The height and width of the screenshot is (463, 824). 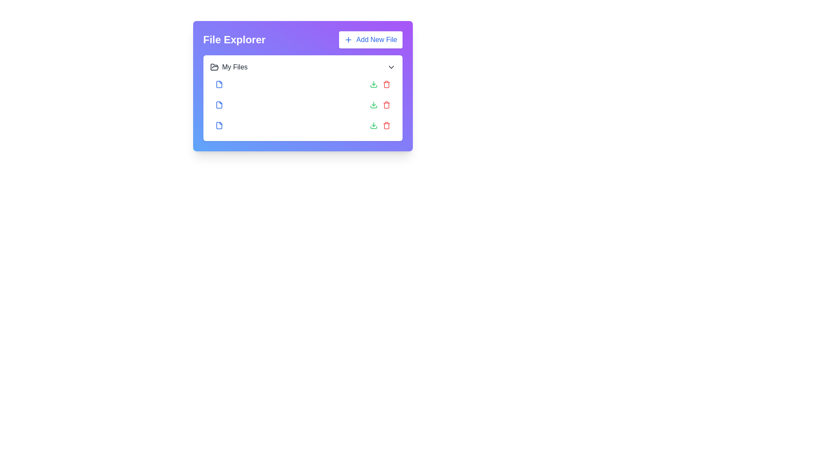 I want to click on the trash can icon for deleting files in the file management interface, located in the rightmost column of the action row beneath the 'Add New File' button, so click(x=386, y=105).